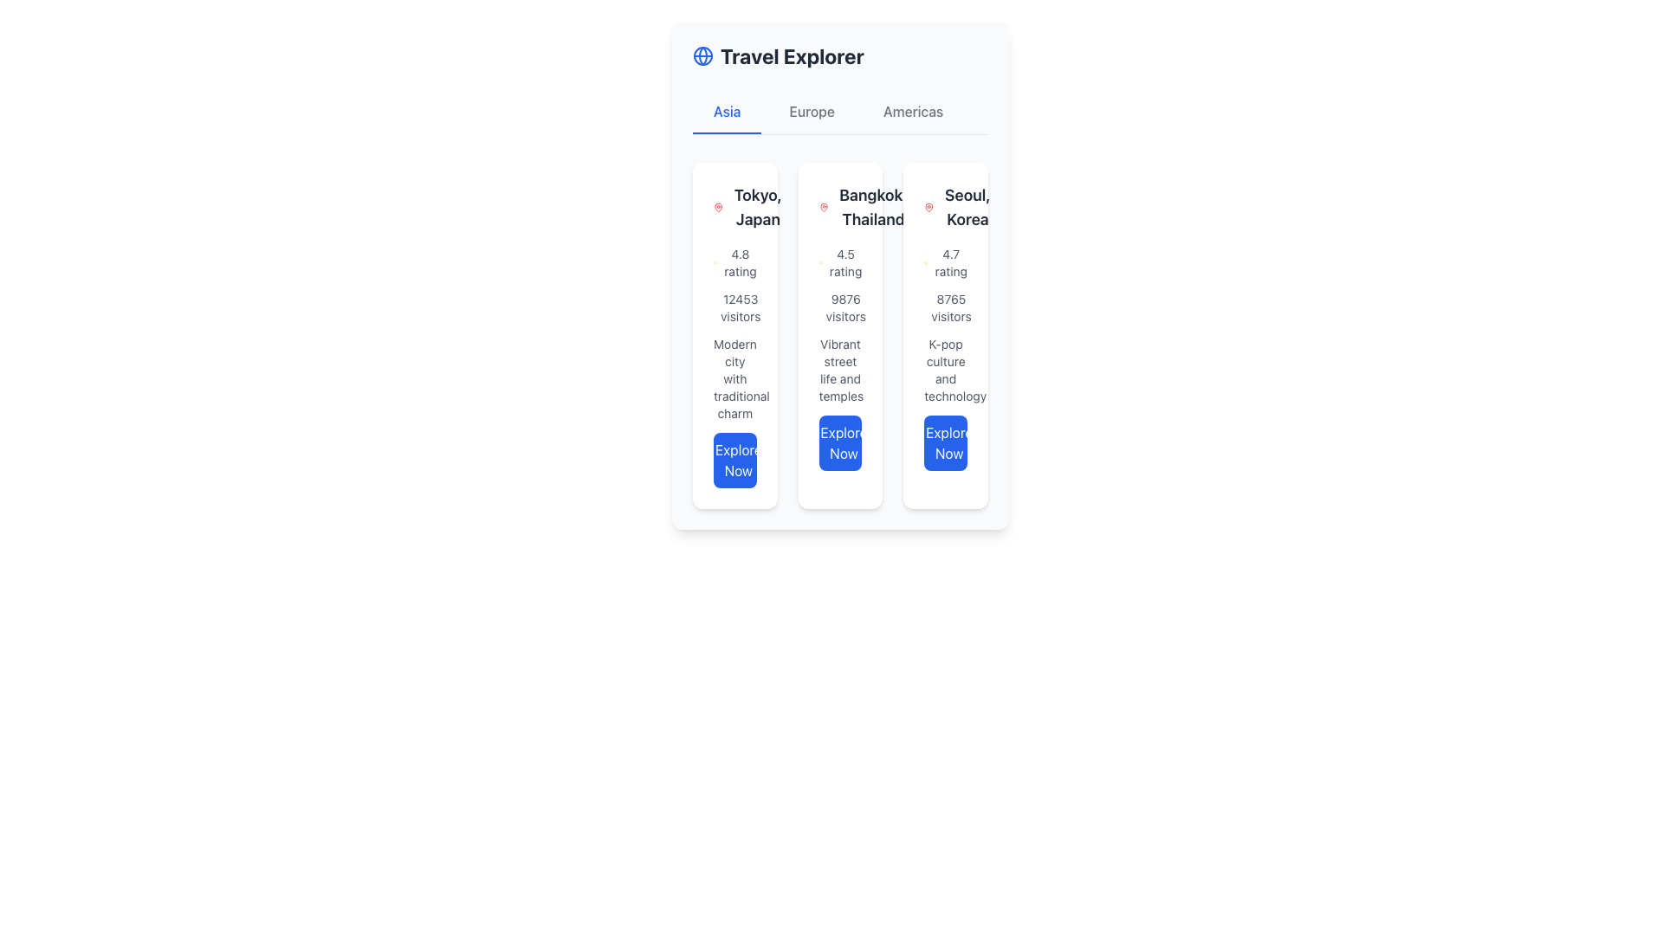 The height and width of the screenshot is (935, 1663). What do you see at coordinates (749, 206) in the screenshot?
I see `the text label 'Tokyo, Japan' which is styled in bold and larger font size and is accompanied by a red map pin icon on its left, located at the top-left corner of the interface` at bounding box center [749, 206].